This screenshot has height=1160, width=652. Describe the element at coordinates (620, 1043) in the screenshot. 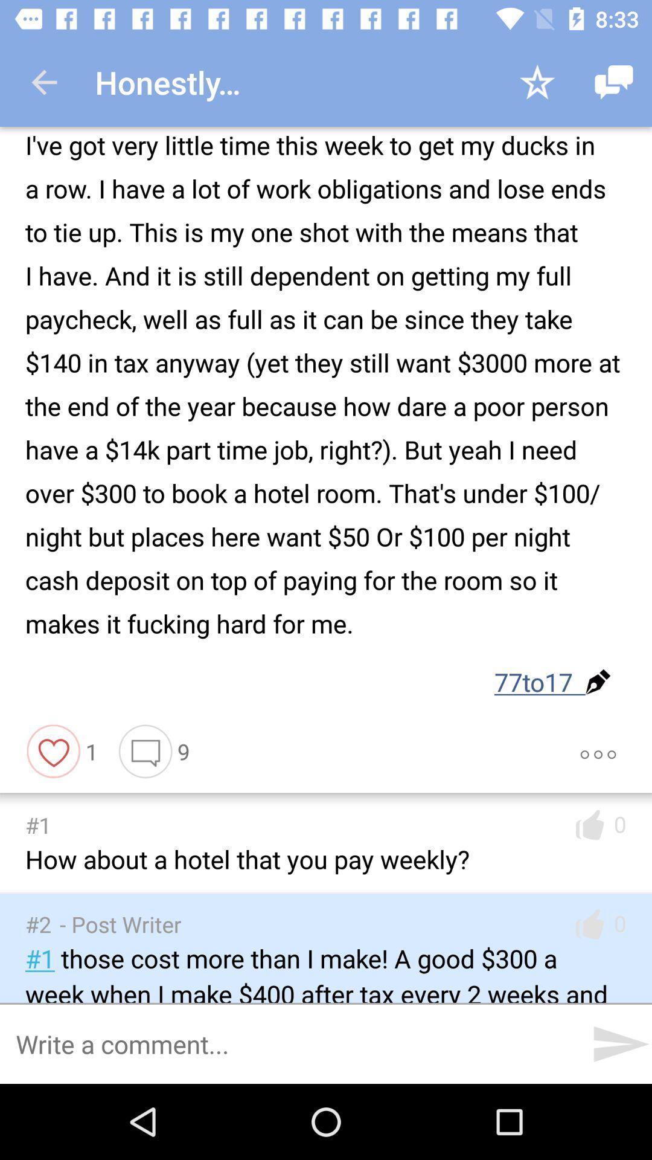

I see `the send icon` at that location.